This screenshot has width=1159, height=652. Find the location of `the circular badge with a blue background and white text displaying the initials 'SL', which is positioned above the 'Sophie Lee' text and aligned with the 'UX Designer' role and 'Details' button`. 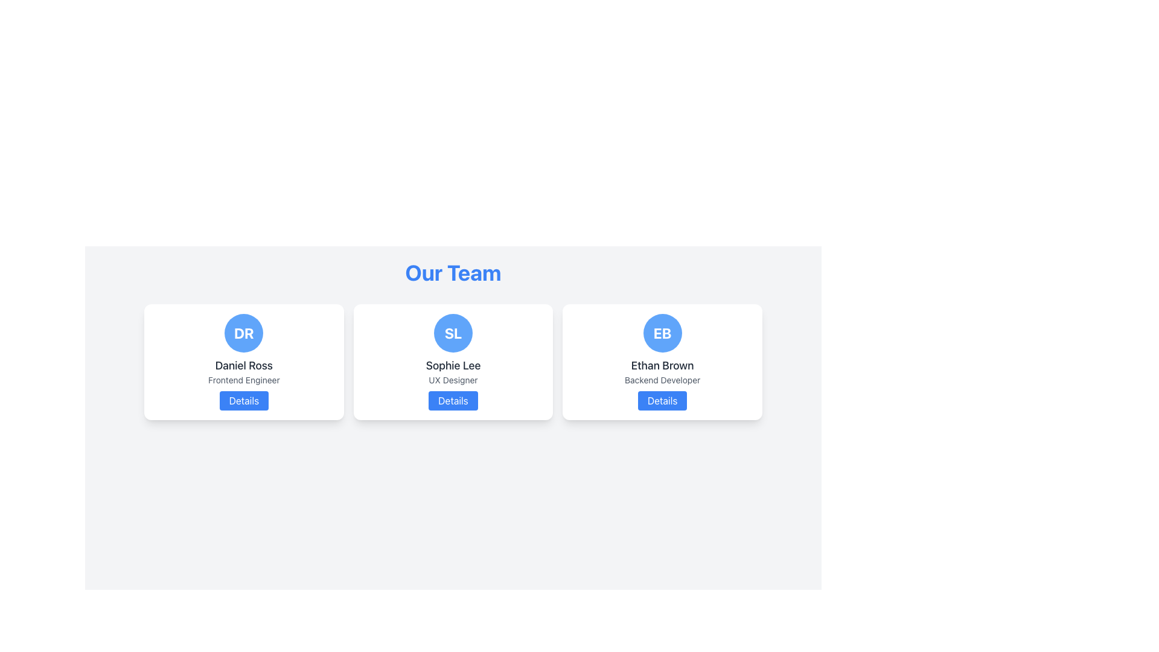

the circular badge with a blue background and white text displaying the initials 'SL', which is positioned above the 'Sophie Lee' text and aligned with the 'UX Designer' role and 'Details' button is located at coordinates (452, 333).